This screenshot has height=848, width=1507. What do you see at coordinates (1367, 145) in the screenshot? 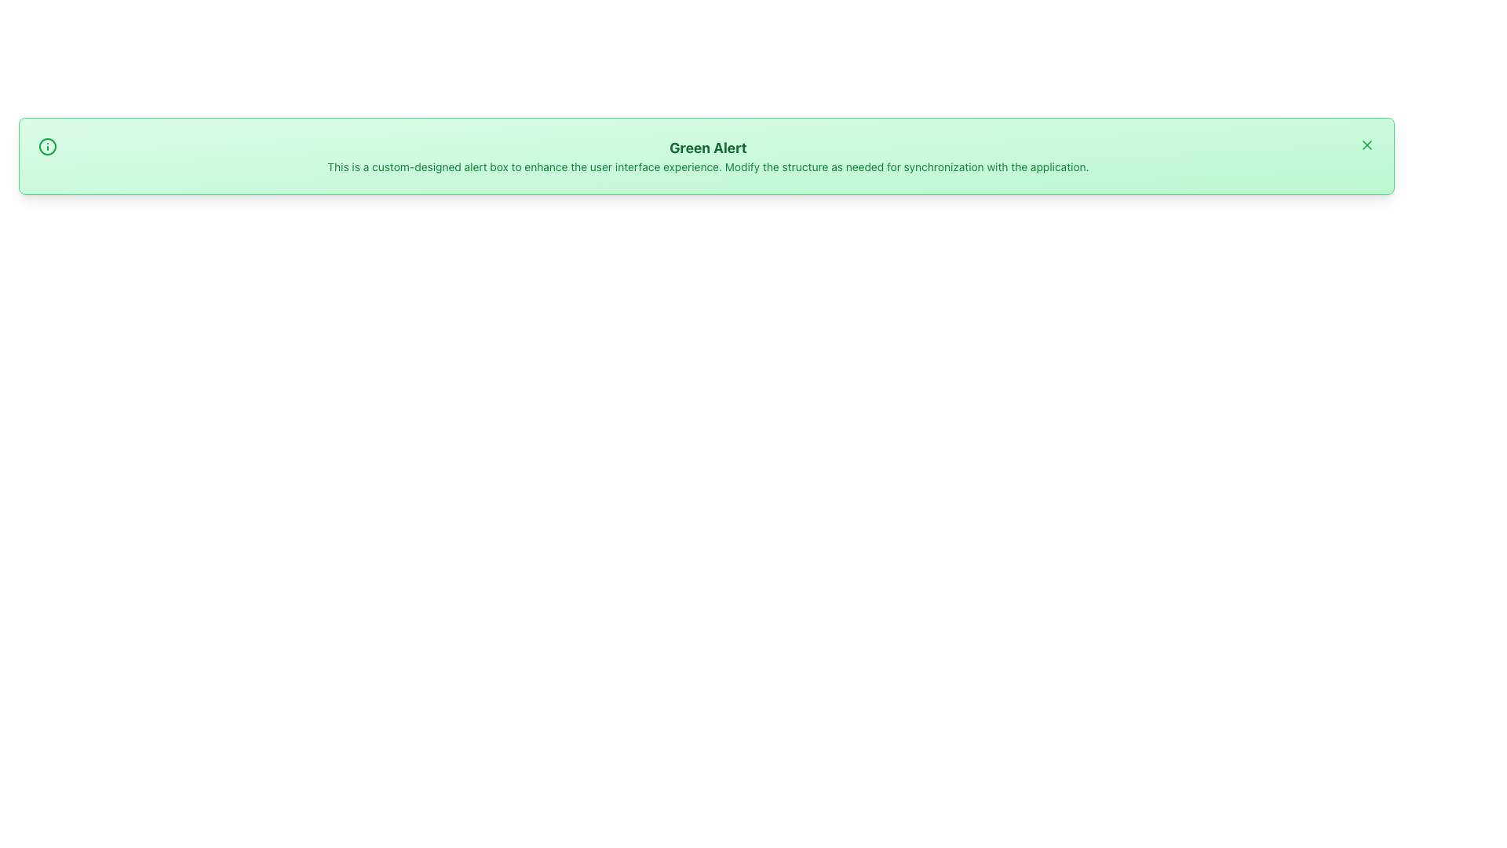
I see `the small square button with a bold green 'X' symbol at the far-right end of the green alert box` at bounding box center [1367, 145].